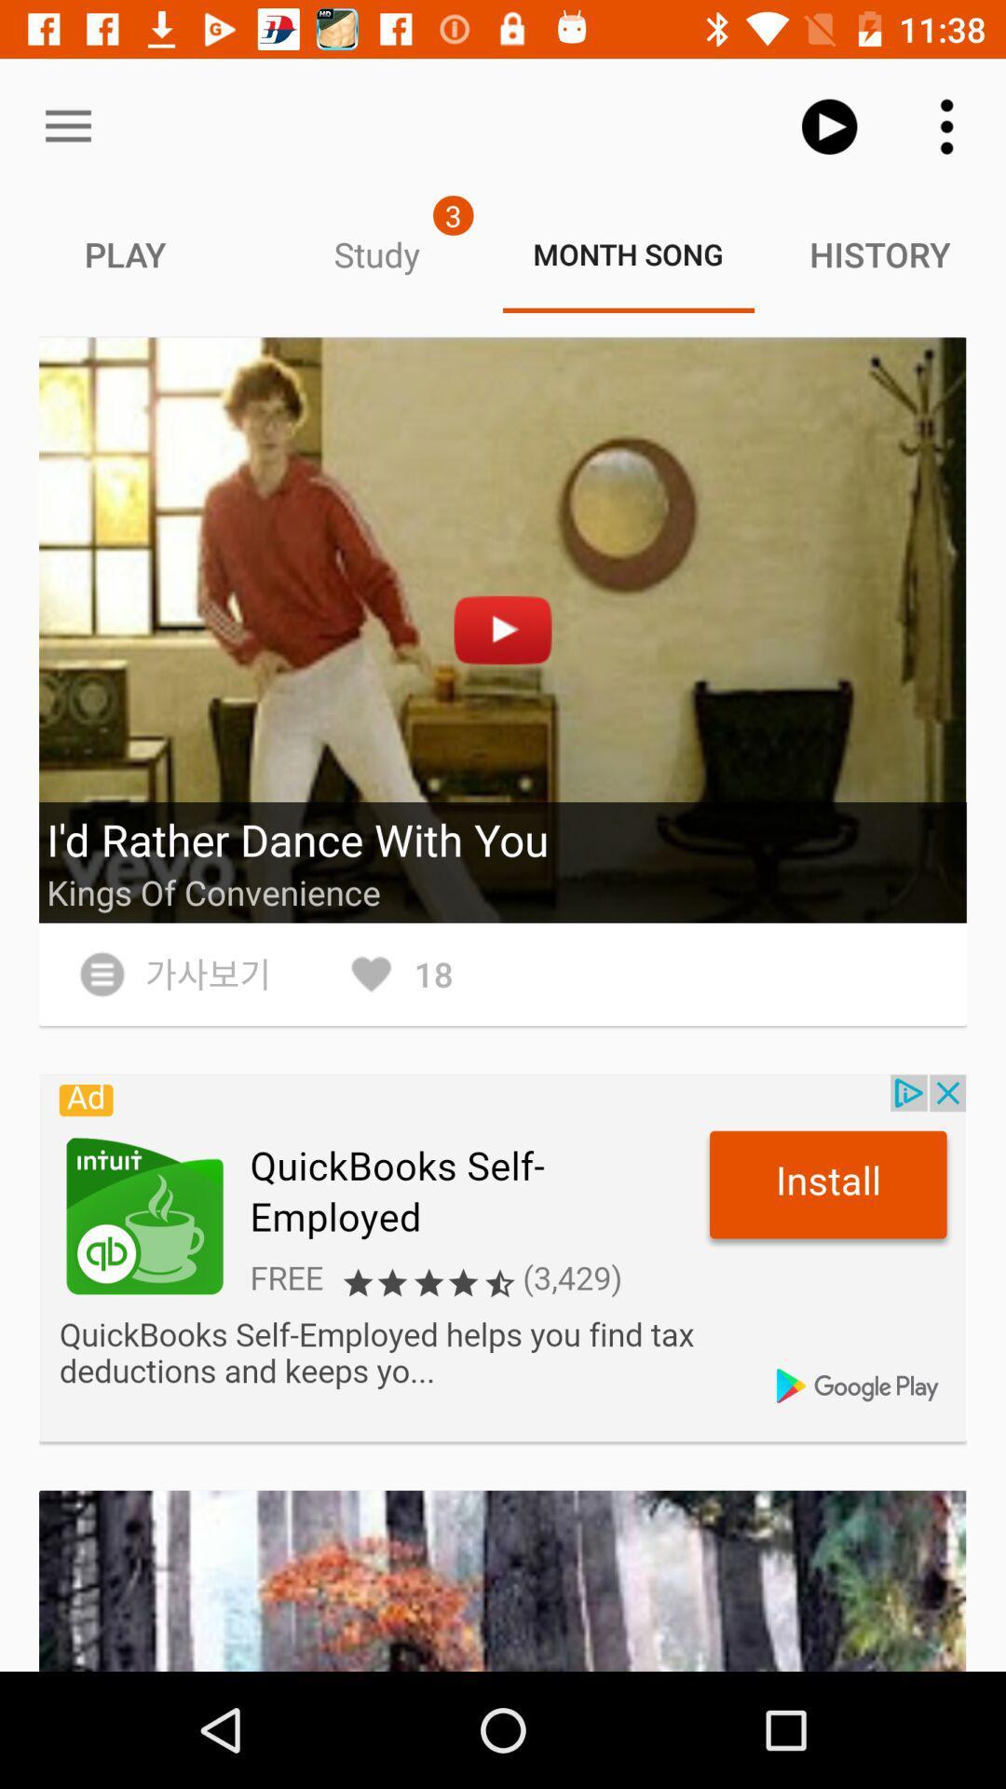 The image size is (1006, 1789). What do you see at coordinates (880, 253) in the screenshot?
I see `tab right to the text month song` at bounding box center [880, 253].